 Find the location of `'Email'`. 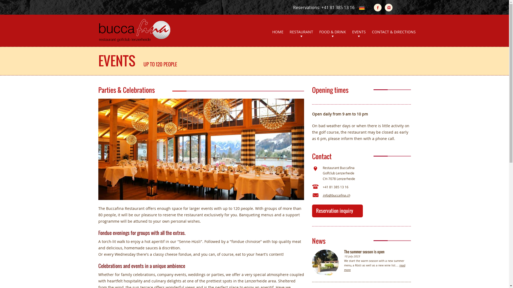

'Email' is located at coordinates (315, 196).